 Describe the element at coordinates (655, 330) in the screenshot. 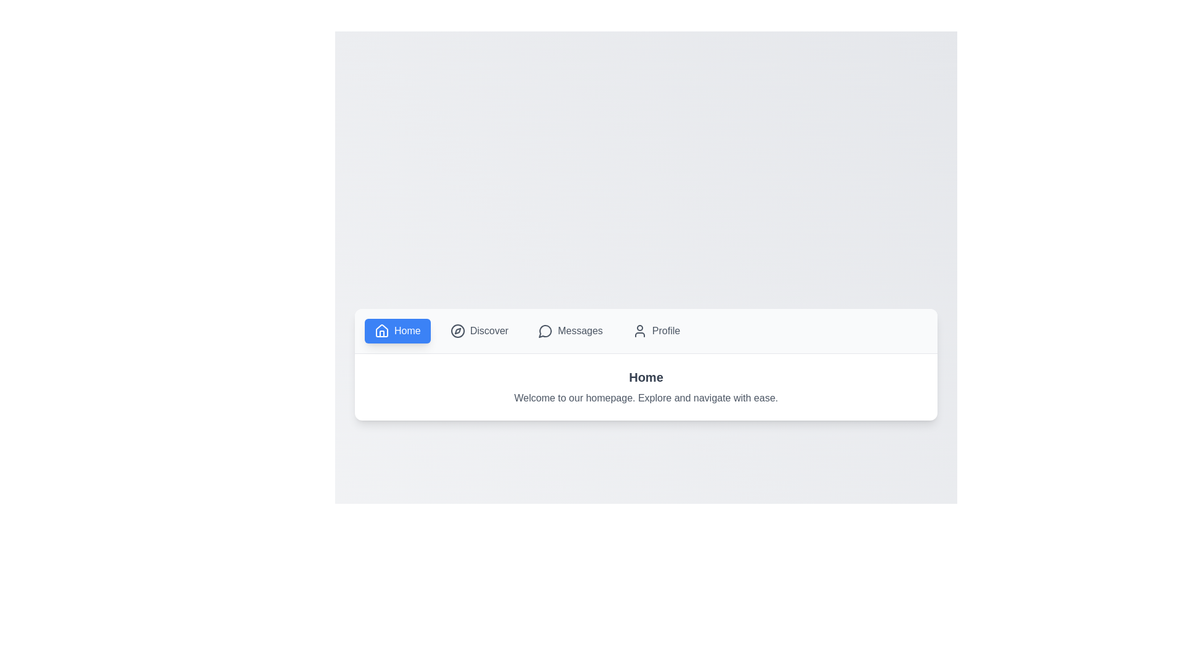

I see `the Profile tab to switch to it` at that location.